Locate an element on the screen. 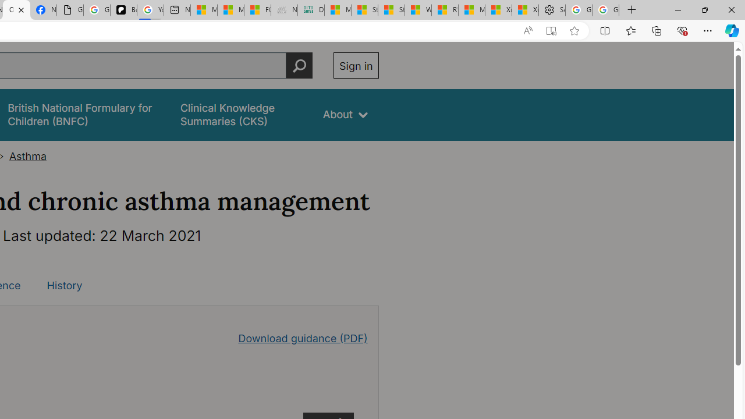  'Asthma' is located at coordinates (28, 156).